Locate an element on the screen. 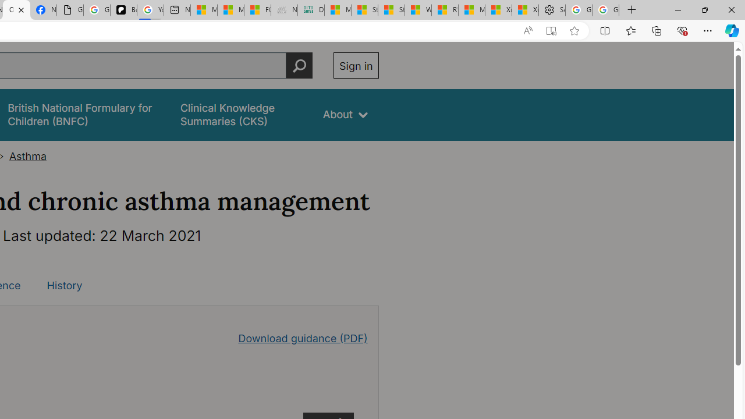  'Asthma' is located at coordinates (28, 156).